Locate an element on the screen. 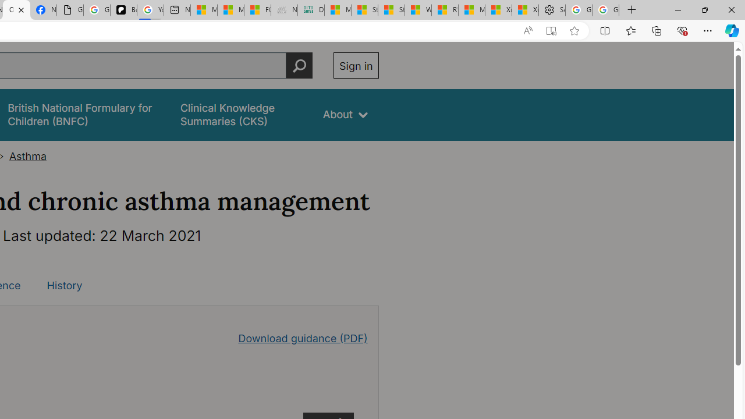  'Asthma' is located at coordinates (28, 156).